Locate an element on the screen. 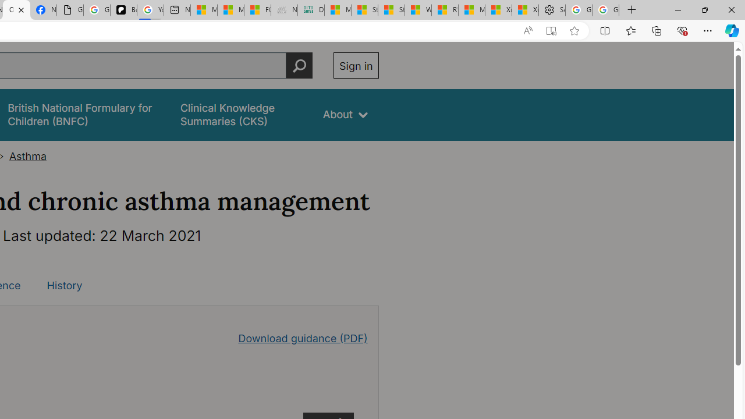  'Asthma' is located at coordinates (28, 156).